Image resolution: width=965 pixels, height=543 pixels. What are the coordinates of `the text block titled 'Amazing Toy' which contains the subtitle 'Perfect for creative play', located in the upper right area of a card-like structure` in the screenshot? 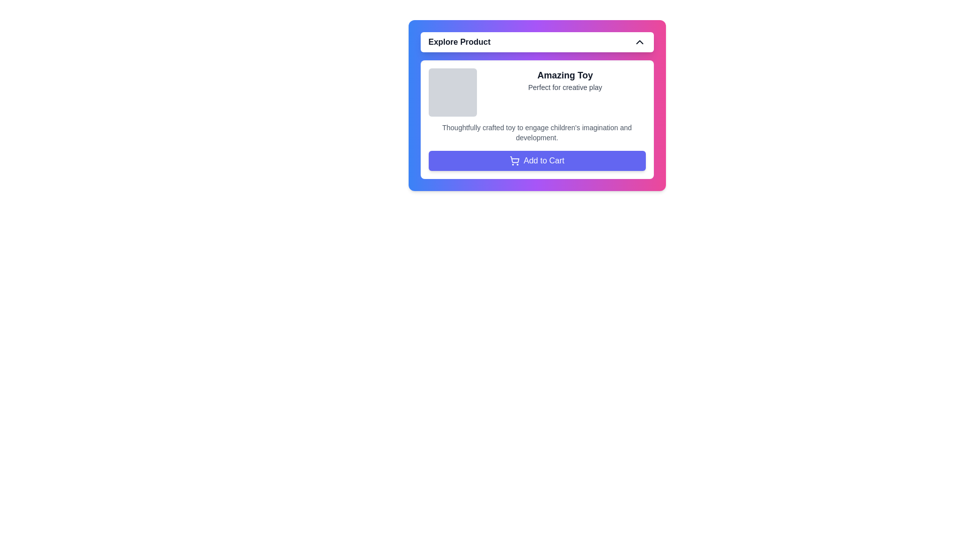 It's located at (565, 93).